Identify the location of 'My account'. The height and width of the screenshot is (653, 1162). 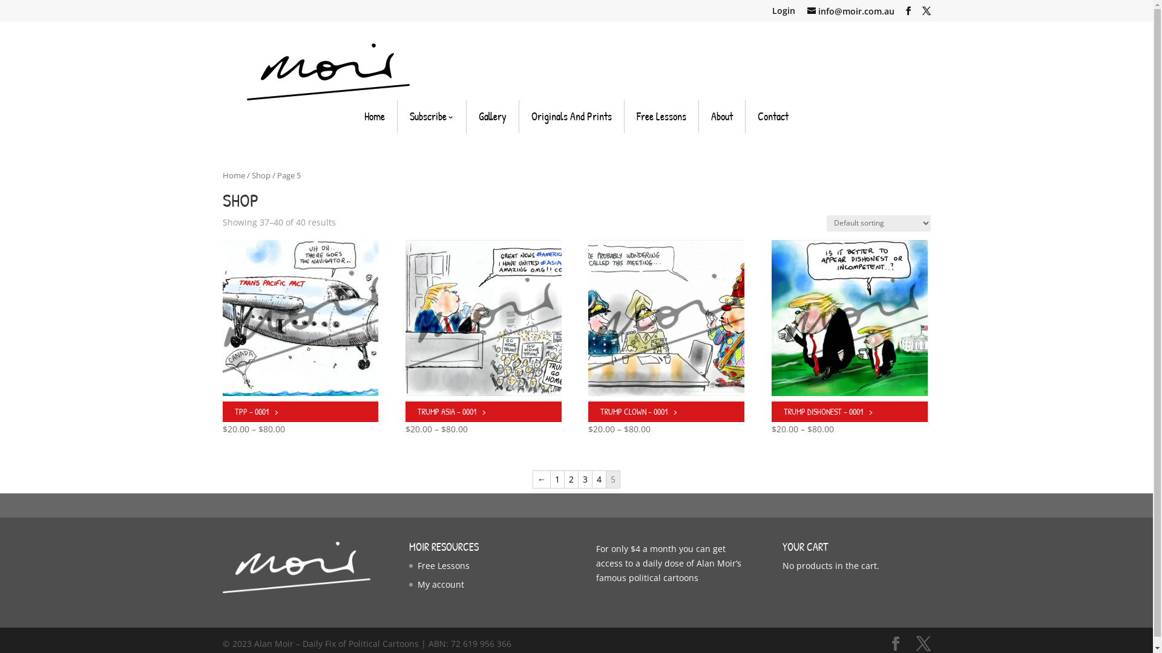
(440, 583).